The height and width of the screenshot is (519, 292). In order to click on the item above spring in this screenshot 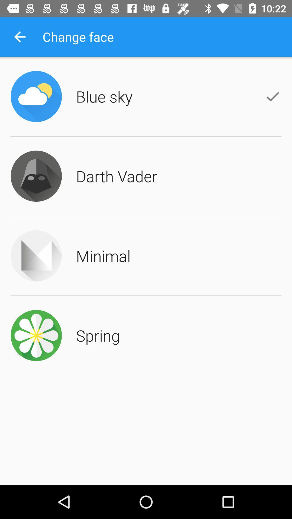, I will do `click(103, 255)`.